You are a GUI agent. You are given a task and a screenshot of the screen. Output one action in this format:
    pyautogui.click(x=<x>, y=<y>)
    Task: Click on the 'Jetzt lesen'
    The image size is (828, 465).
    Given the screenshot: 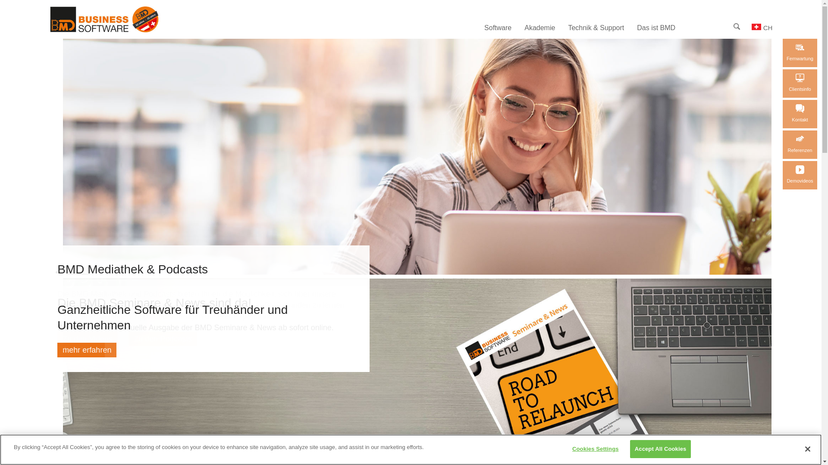 What is the action you would take?
    pyautogui.click(x=81, y=350)
    